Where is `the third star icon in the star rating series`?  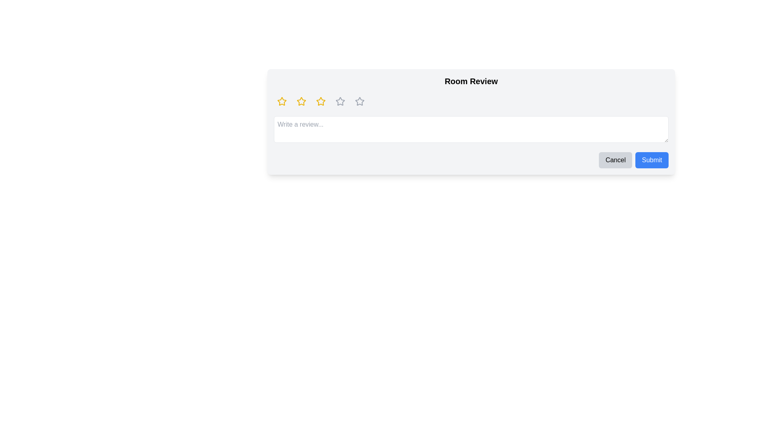
the third star icon in the star rating series is located at coordinates (321, 101).